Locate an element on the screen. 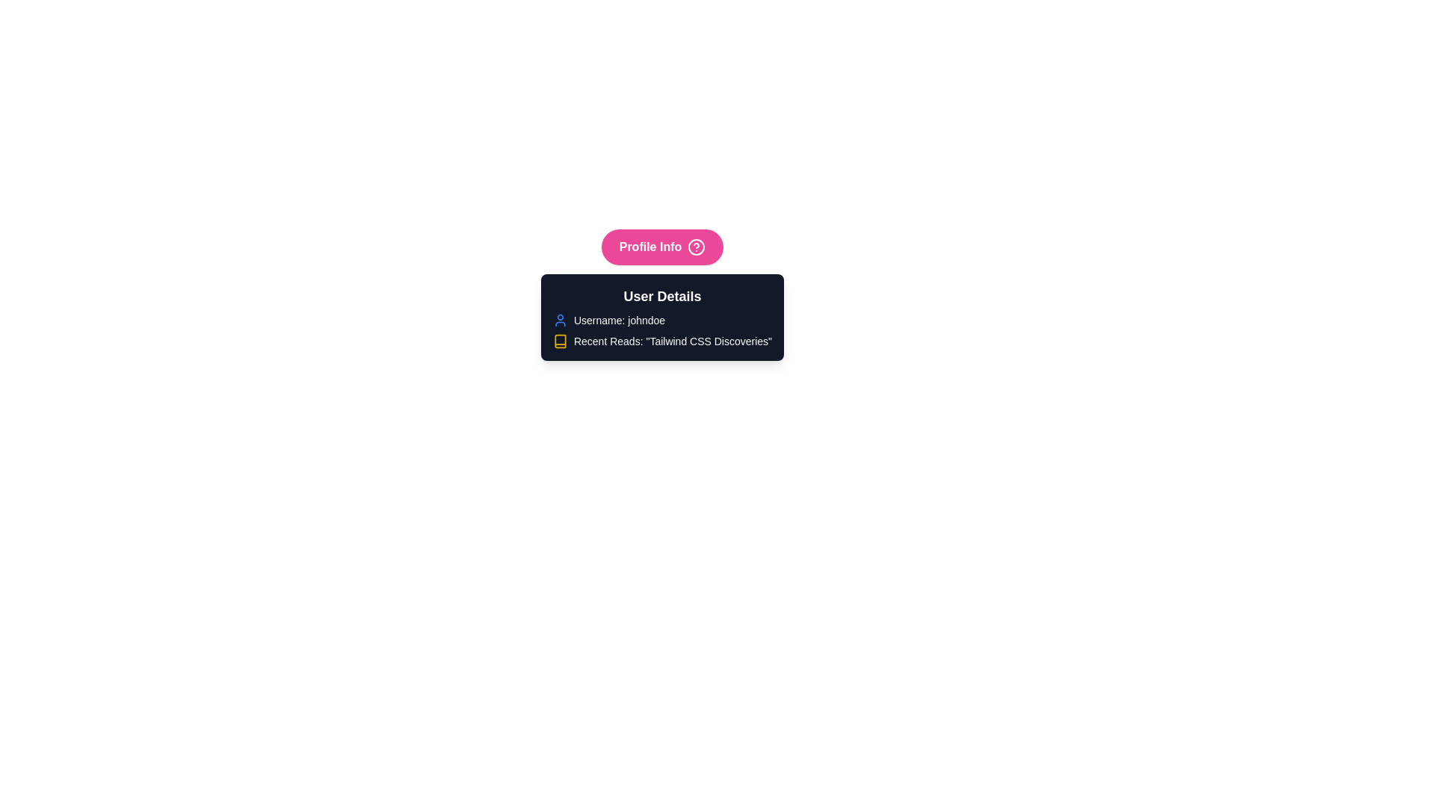 Image resolution: width=1435 pixels, height=807 pixels. the user icon represented by a blue-colored minimalist human silhouette located in the 'User Details' section, to the left of the username 'Username: johndoe' is located at coordinates (559, 319).